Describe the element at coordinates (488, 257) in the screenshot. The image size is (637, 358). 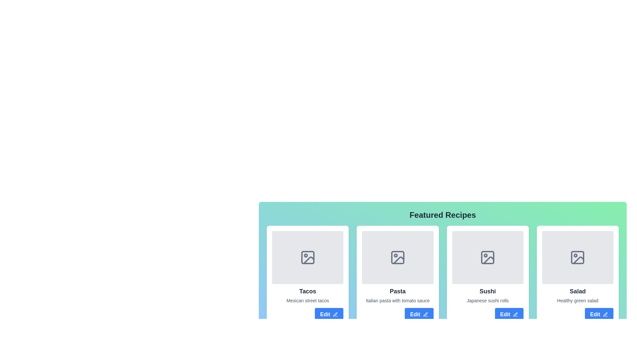
I see `the icon element that represents a symbolic image within the card labeled 'Sushi' in the 'Featured Recipes' section` at that location.